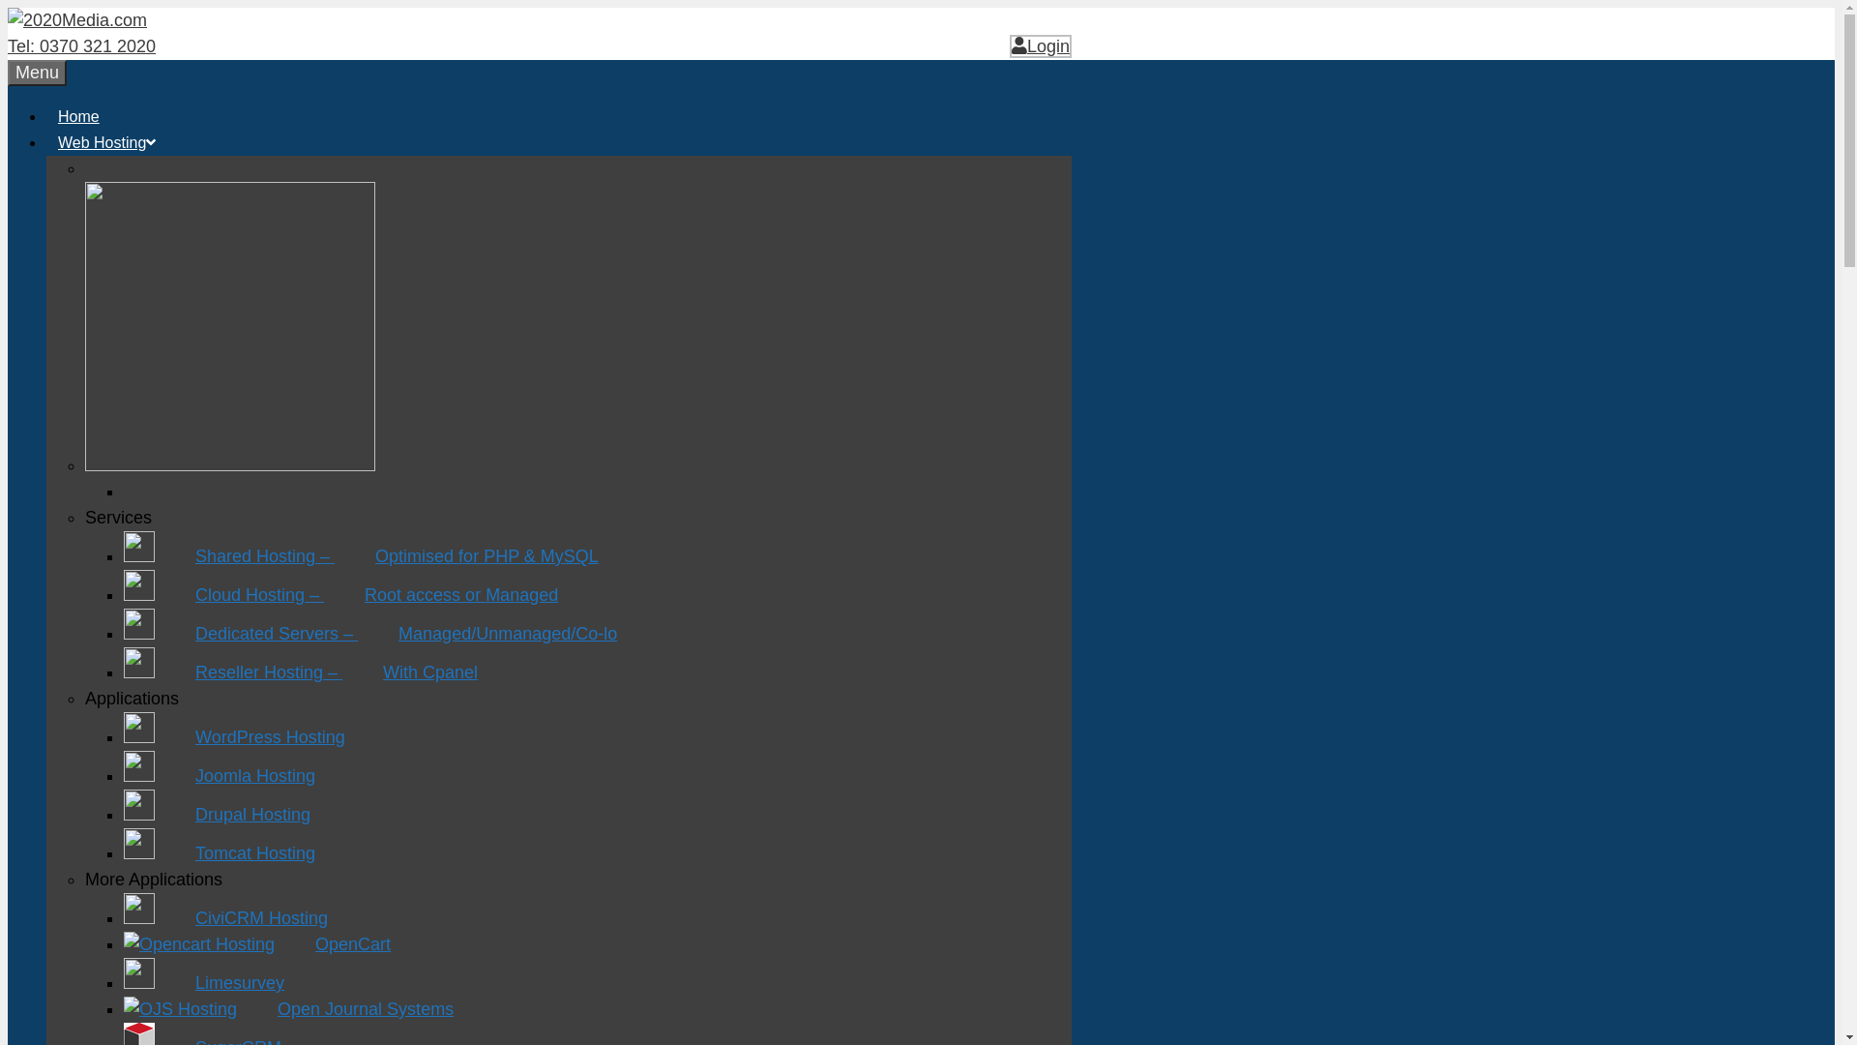  What do you see at coordinates (37, 72) in the screenshot?
I see `'Menu'` at bounding box center [37, 72].